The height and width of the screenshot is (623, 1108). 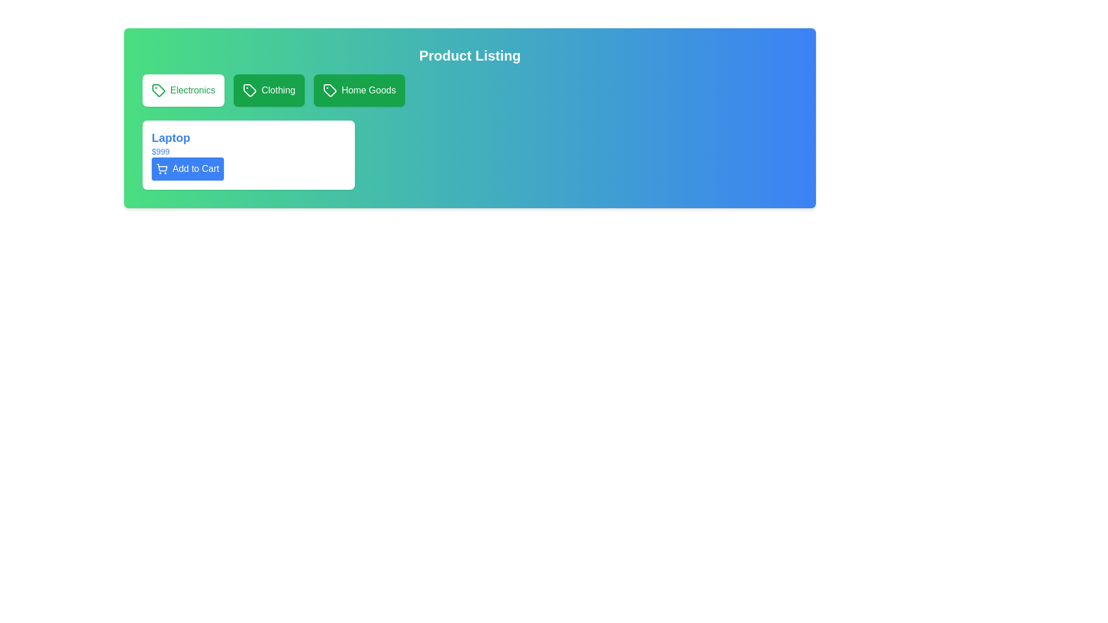 I want to click on the 'Home Goods' category selector button to activate the hover effect, so click(x=359, y=90).